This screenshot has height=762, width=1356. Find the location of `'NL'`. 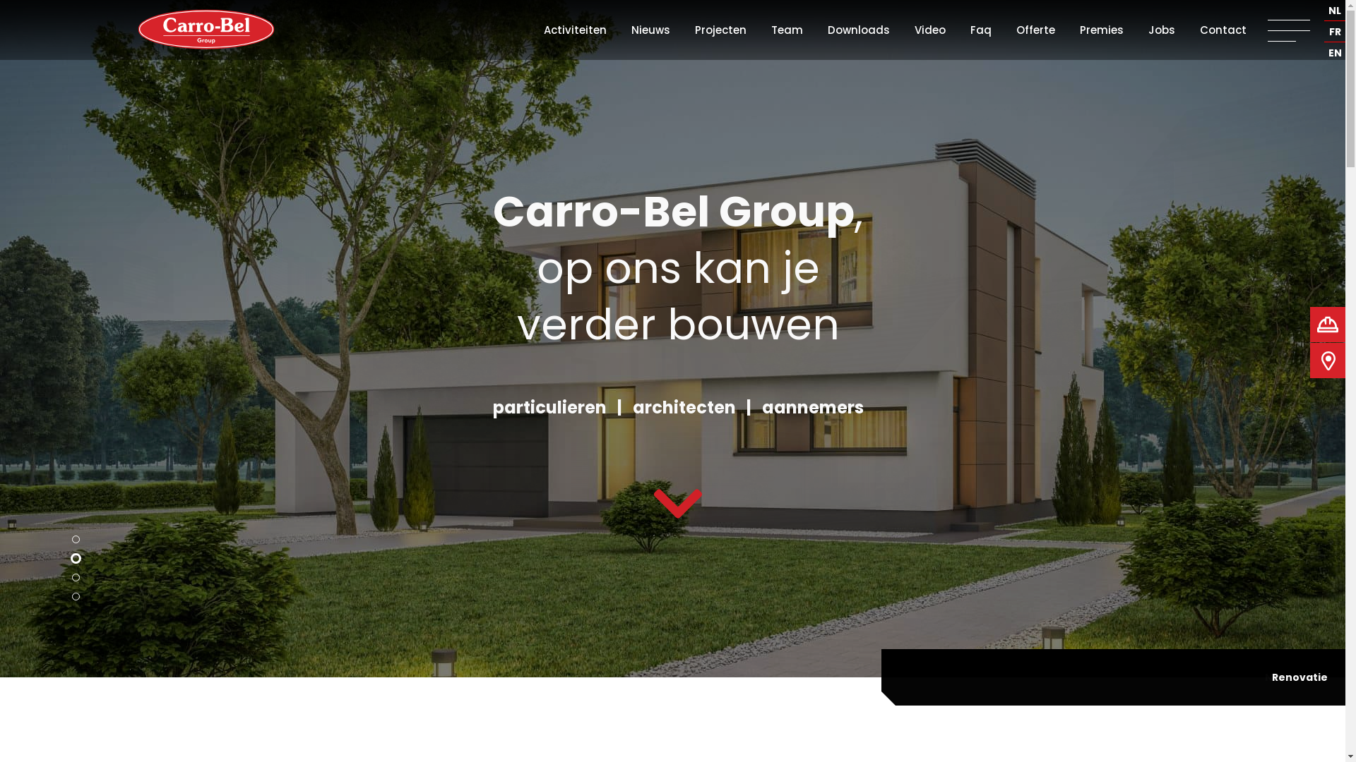

'NL' is located at coordinates (1334, 11).